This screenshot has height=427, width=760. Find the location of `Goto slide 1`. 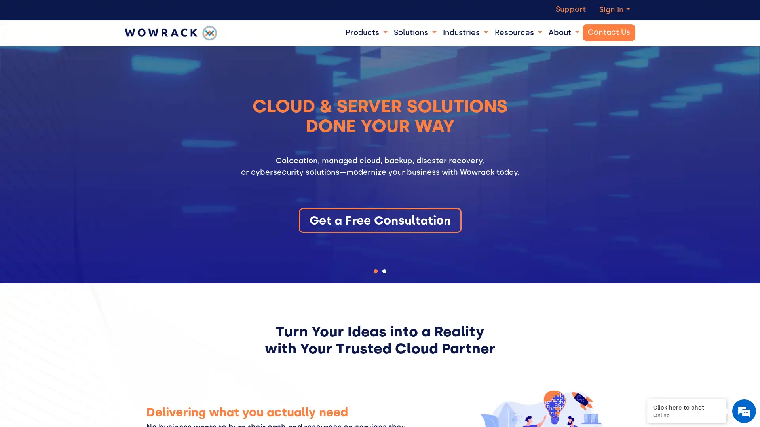

Goto slide 1 is located at coordinates (375, 270).